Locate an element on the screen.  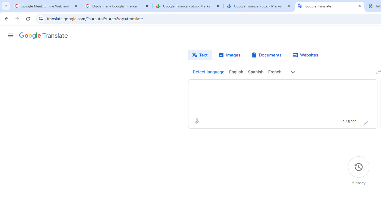
'English' is located at coordinates (236, 72).